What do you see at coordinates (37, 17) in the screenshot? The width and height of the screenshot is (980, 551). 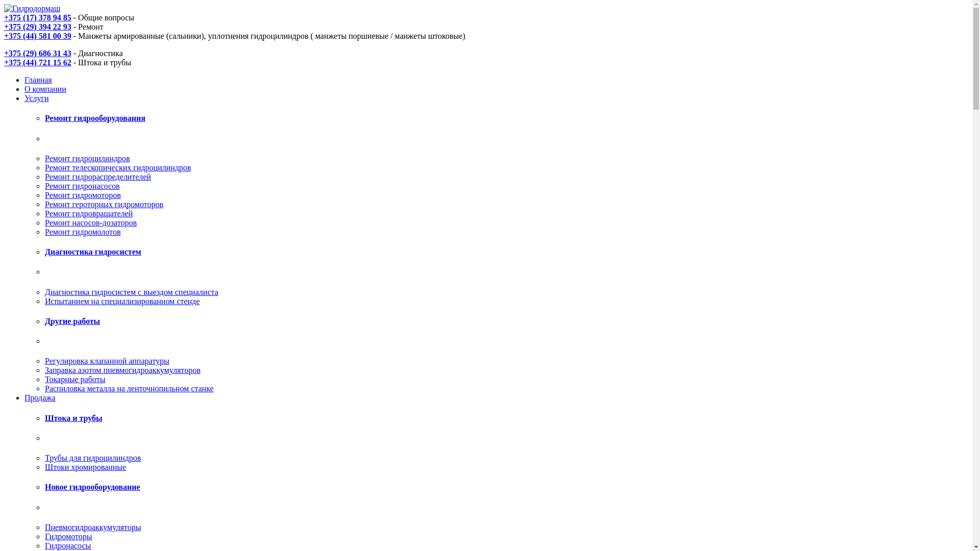 I see `'+375 (17) 378 94 85'` at bounding box center [37, 17].